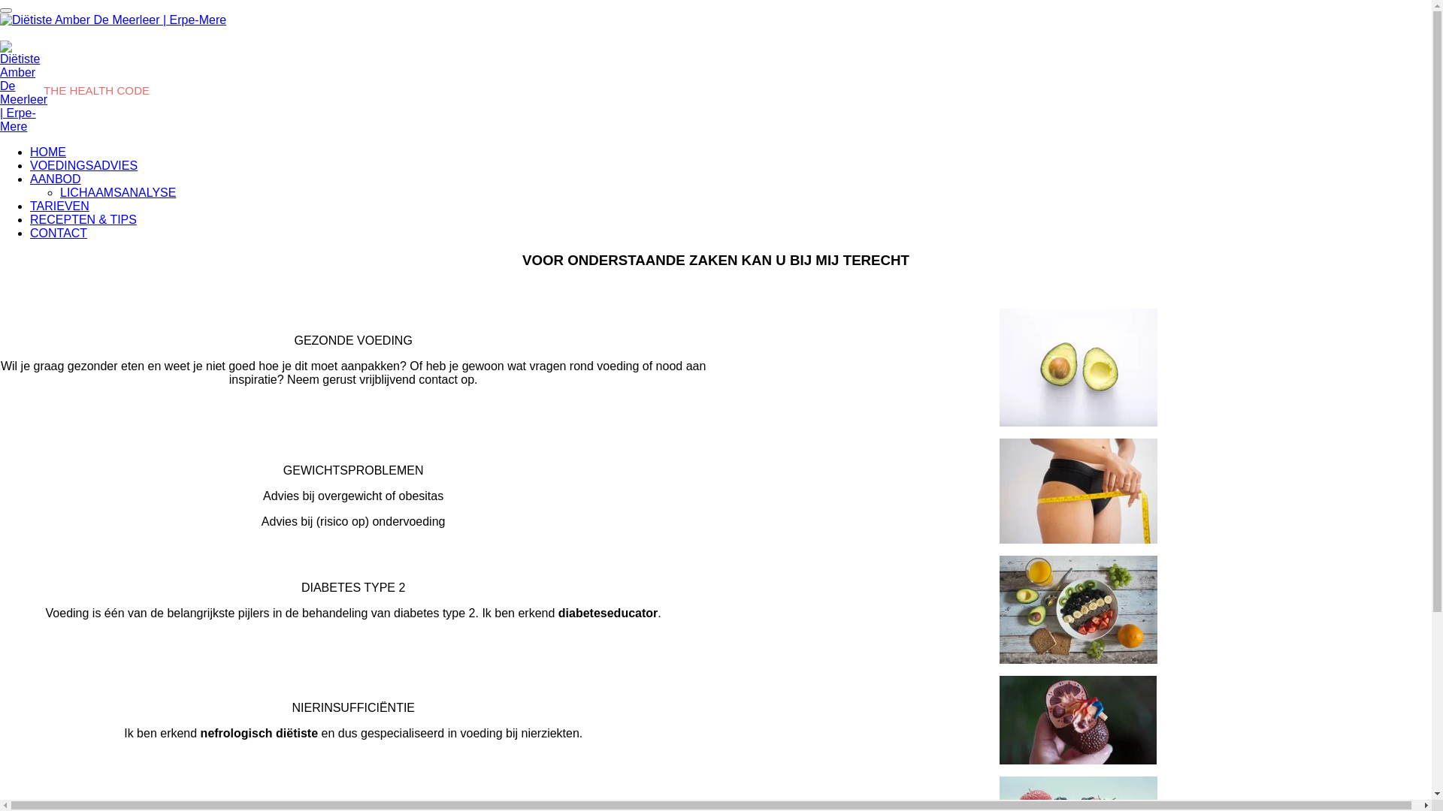 This screenshot has width=1443, height=811. I want to click on 'AANBOD', so click(55, 178).